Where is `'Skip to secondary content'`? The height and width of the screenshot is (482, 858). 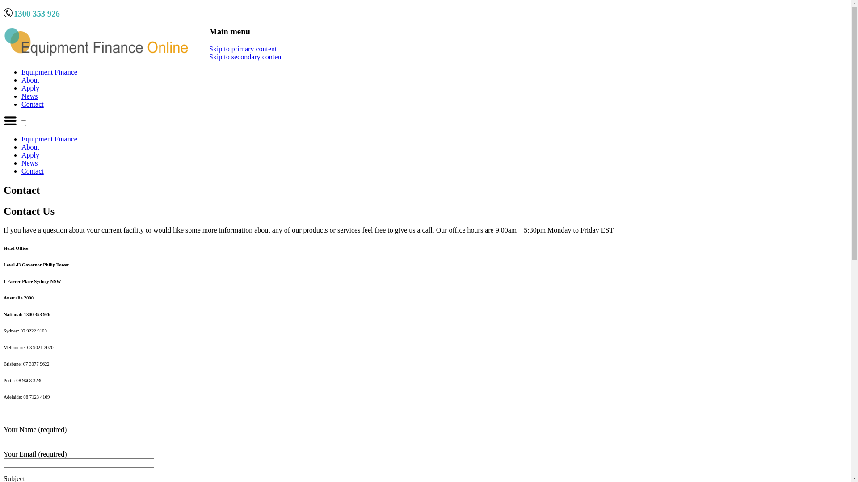
'Skip to secondary content' is located at coordinates (246, 57).